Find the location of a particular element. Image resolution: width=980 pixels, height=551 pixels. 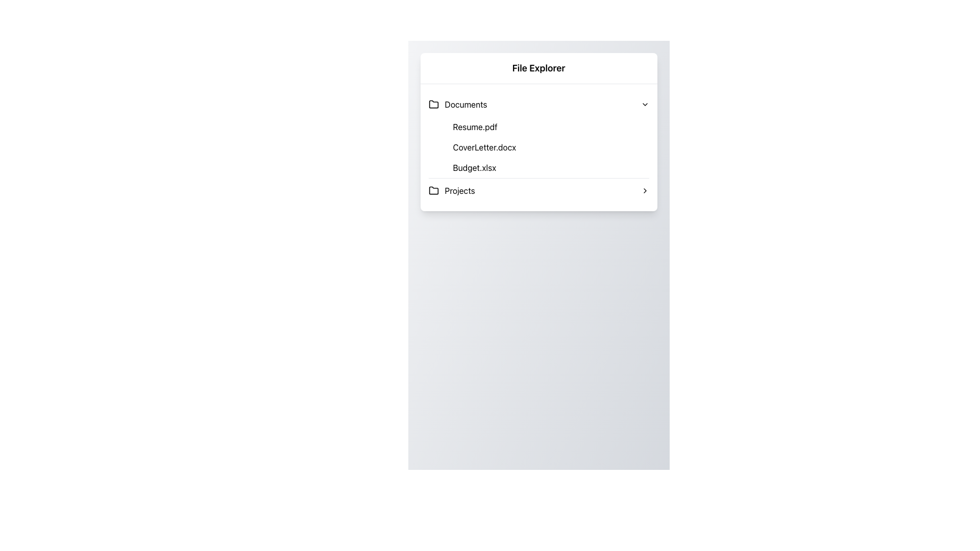

the 'Projects' label in the file explorer, which is the third visible row containing a folder icon and a right-pointing arrow is located at coordinates (459, 191).